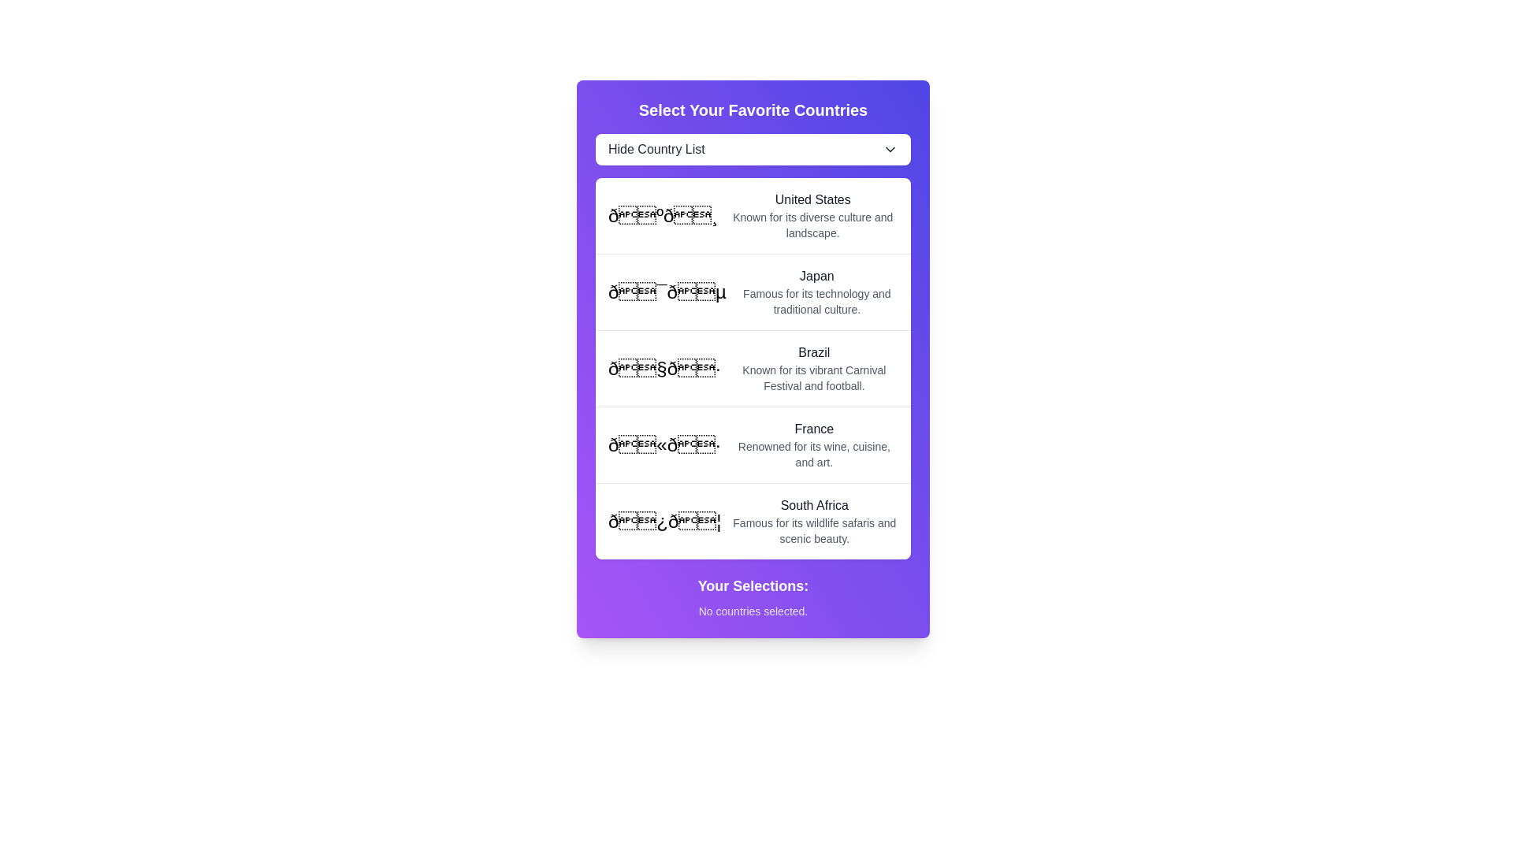 Image resolution: width=1513 pixels, height=851 pixels. What do you see at coordinates (814, 522) in the screenshot?
I see `description of the text block containing the title 'South Africa' and the description 'Famous for its wildlife safaris and scenic beauty.'` at bounding box center [814, 522].